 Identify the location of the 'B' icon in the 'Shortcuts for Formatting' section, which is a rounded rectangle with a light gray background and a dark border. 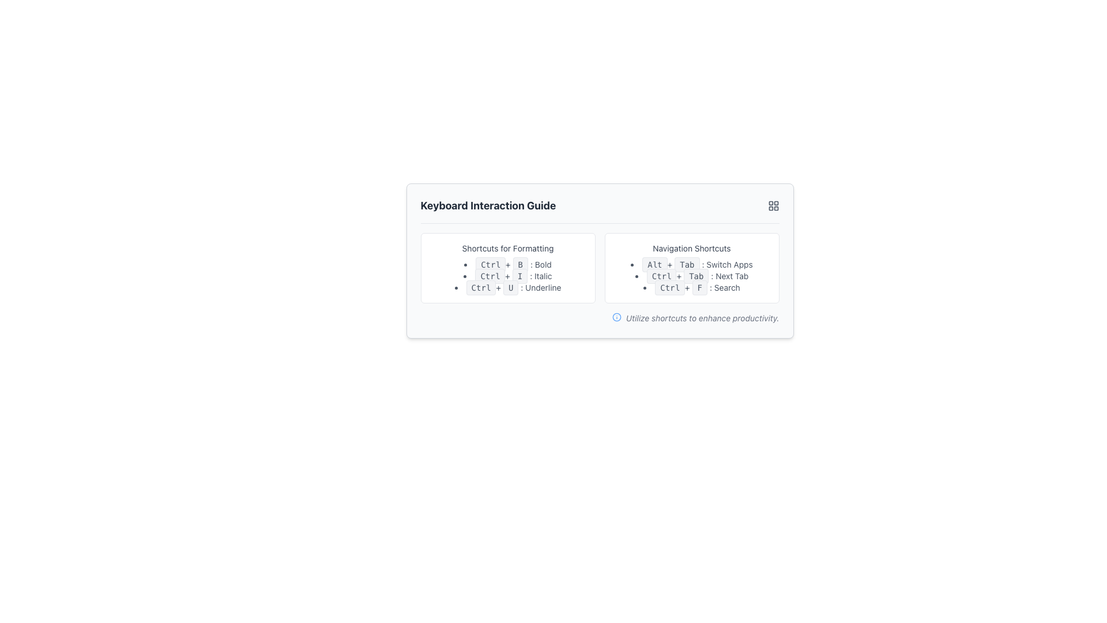
(519, 265).